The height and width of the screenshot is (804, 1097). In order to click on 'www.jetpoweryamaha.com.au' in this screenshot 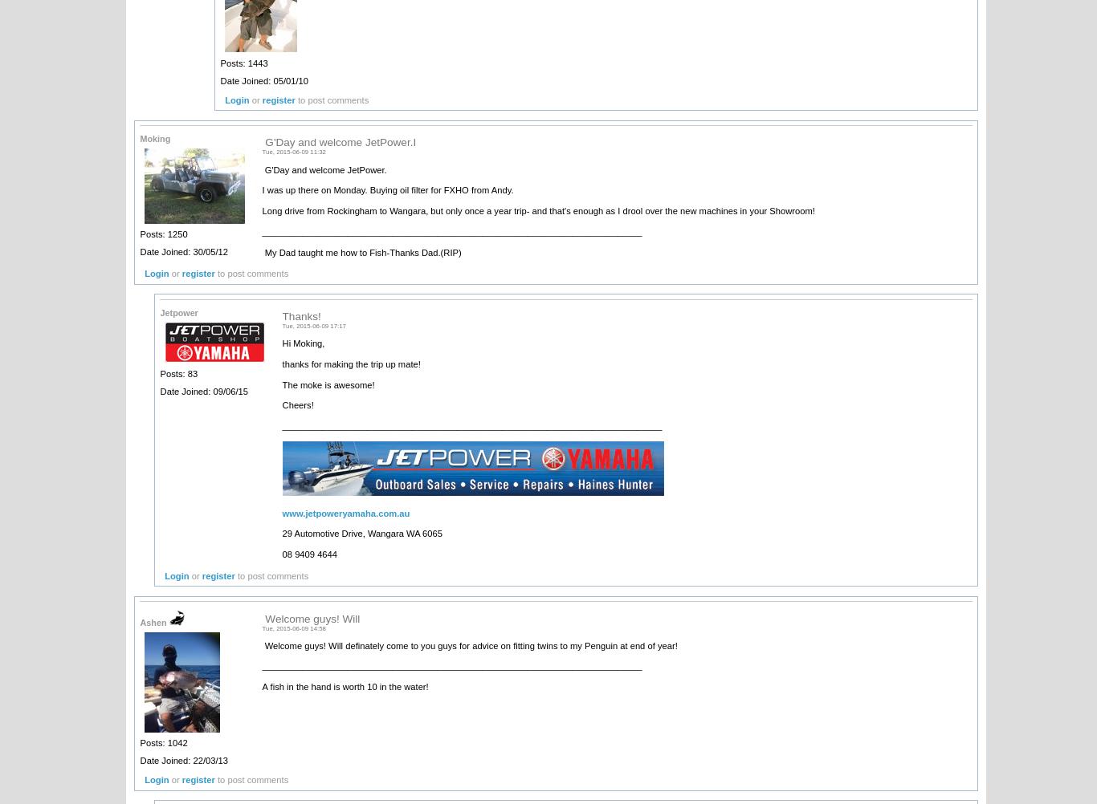, I will do `click(345, 511)`.